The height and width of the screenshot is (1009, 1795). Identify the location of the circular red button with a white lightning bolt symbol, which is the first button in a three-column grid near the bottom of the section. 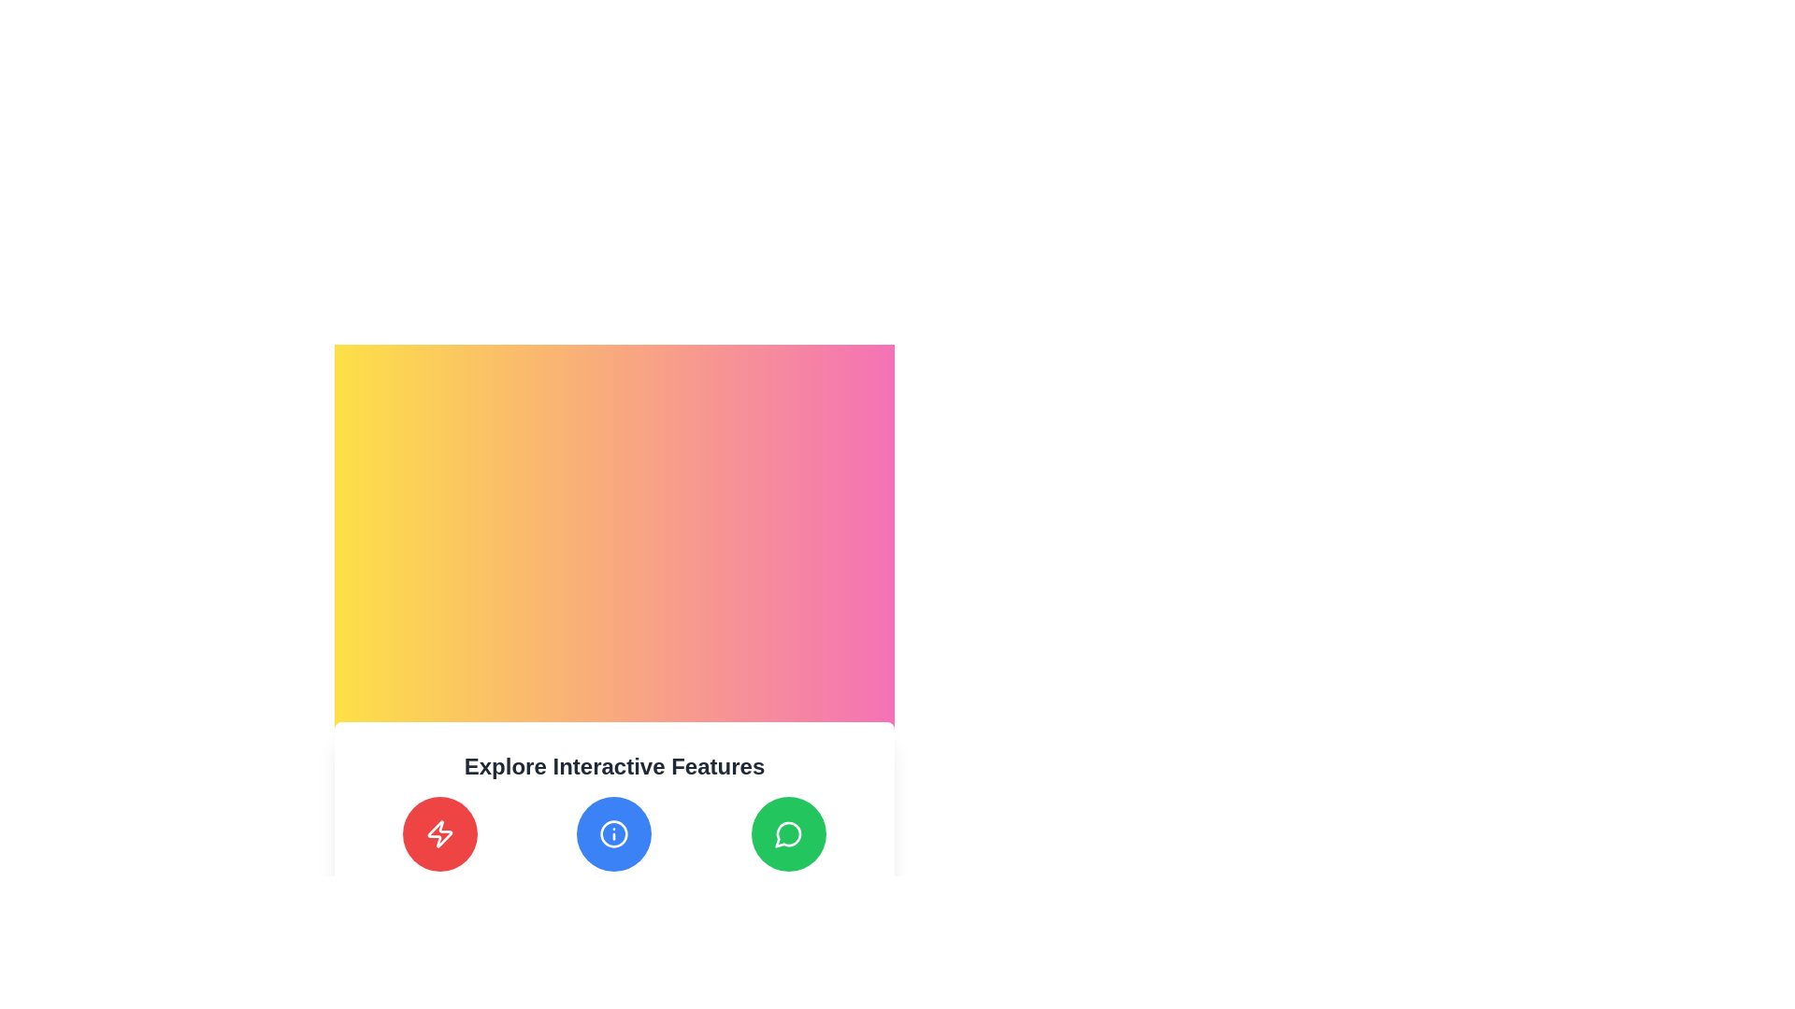
(439, 833).